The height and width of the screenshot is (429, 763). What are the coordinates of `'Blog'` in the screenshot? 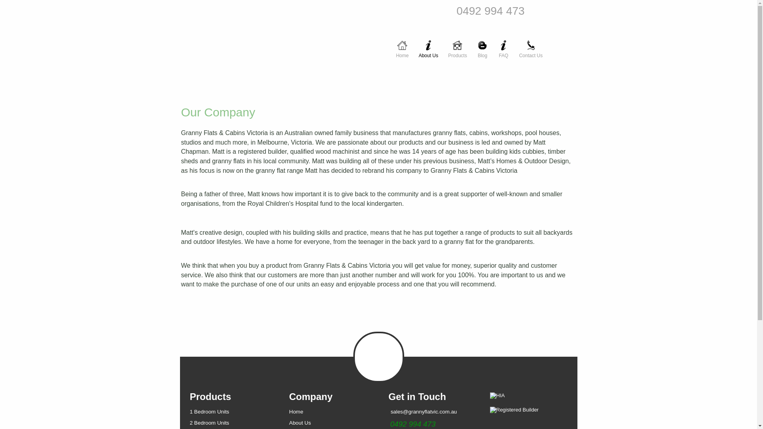 It's located at (482, 44).